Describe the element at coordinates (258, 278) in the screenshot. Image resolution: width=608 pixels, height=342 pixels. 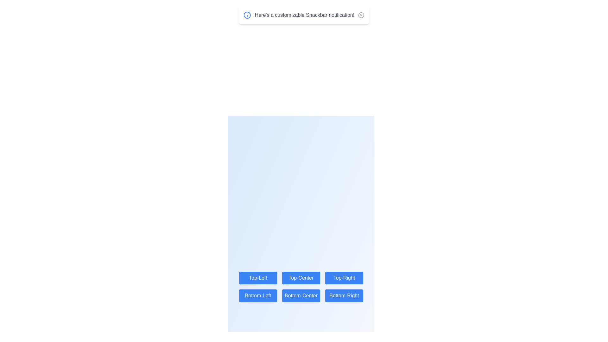
I see `the button labeled Top-Left to change the Snackbar position` at that location.